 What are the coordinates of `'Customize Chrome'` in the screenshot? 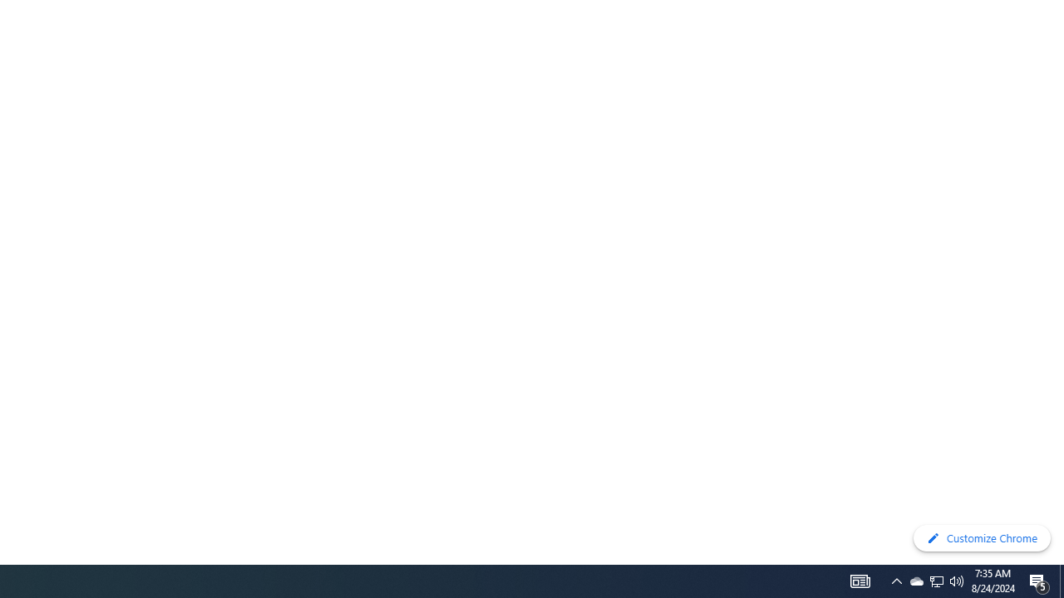 It's located at (982, 538).